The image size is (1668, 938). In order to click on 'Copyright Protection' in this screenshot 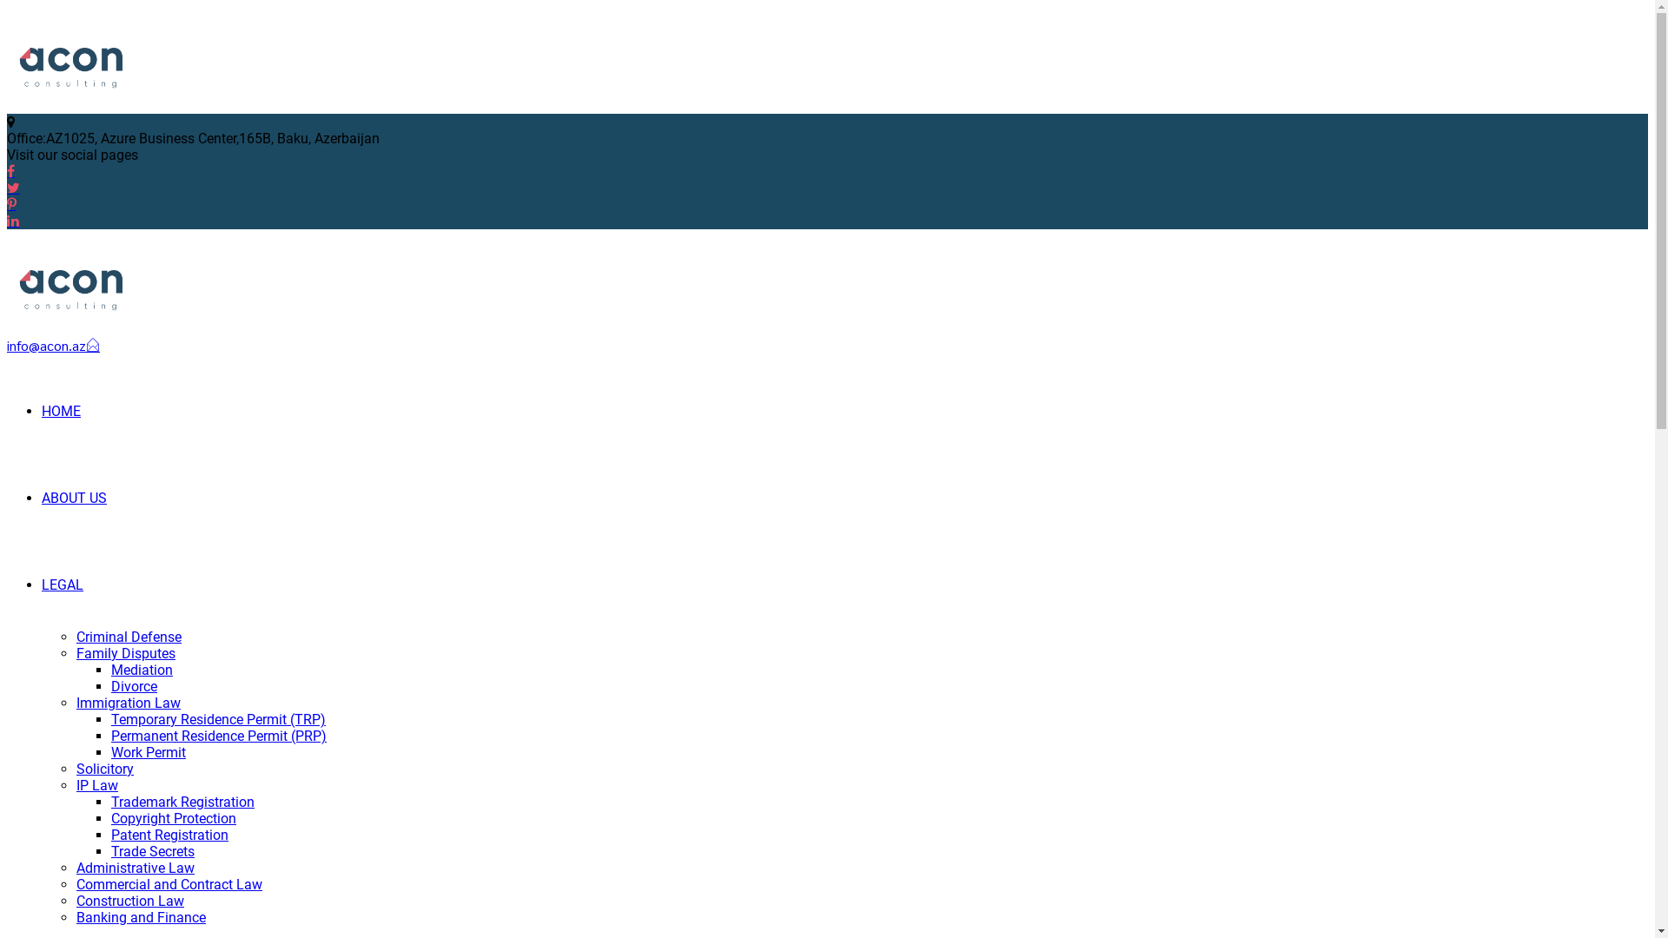, I will do `click(174, 818)`.